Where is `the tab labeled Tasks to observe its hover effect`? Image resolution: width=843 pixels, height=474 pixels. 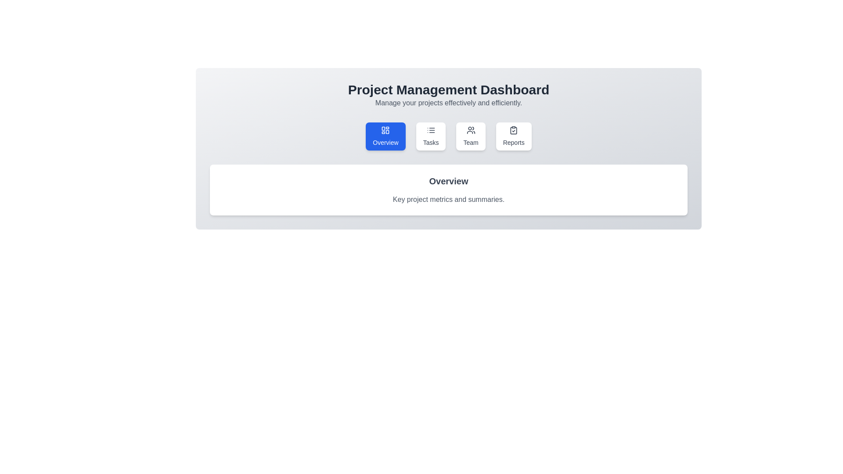
the tab labeled Tasks to observe its hover effect is located at coordinates (431, 136).